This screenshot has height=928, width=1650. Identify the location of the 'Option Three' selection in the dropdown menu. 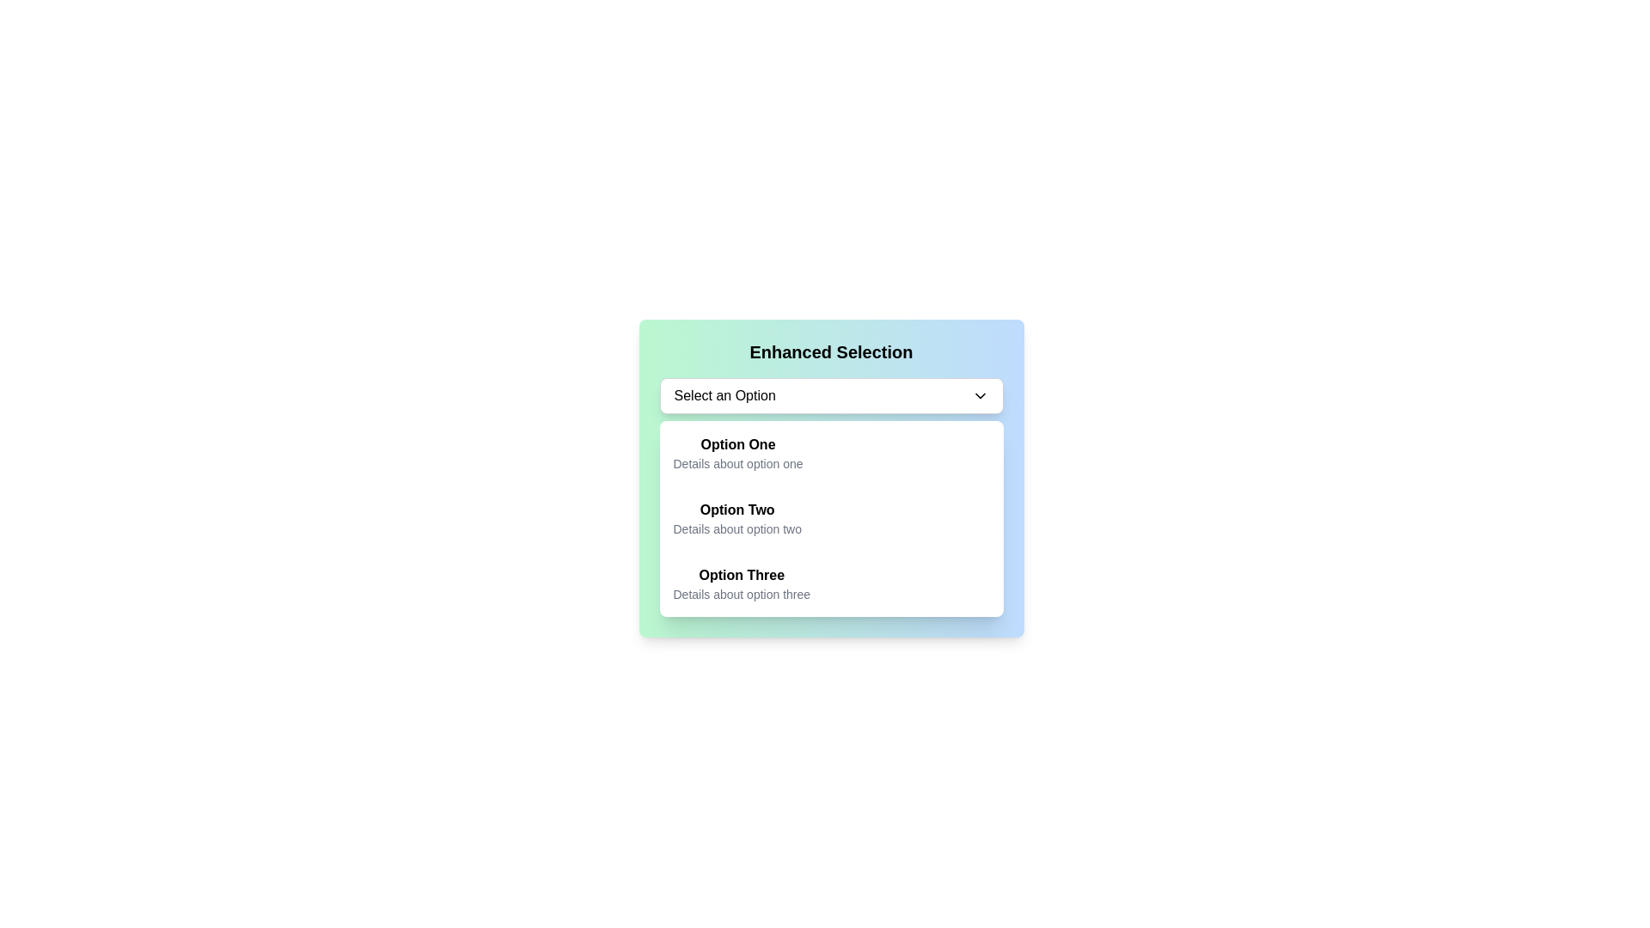
(742, 583).